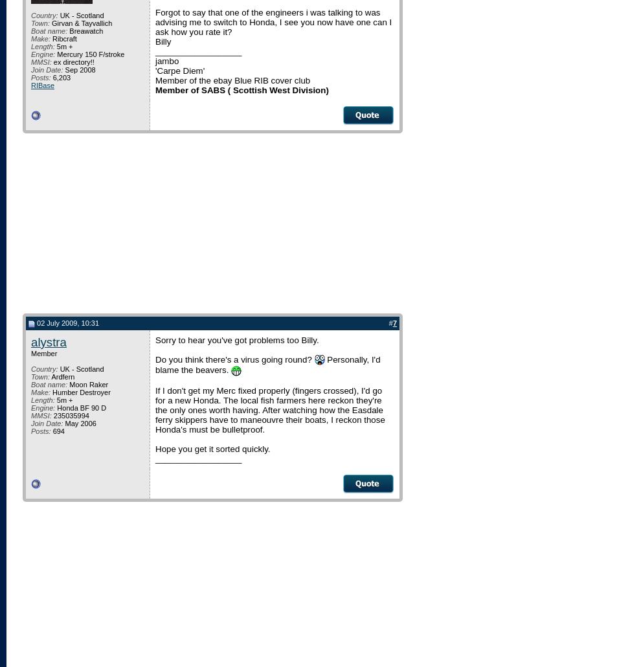  Describe the element at coordinates (89, 54) in the screenshot. I see `'Mercury 150 F/stroke'` at that location.